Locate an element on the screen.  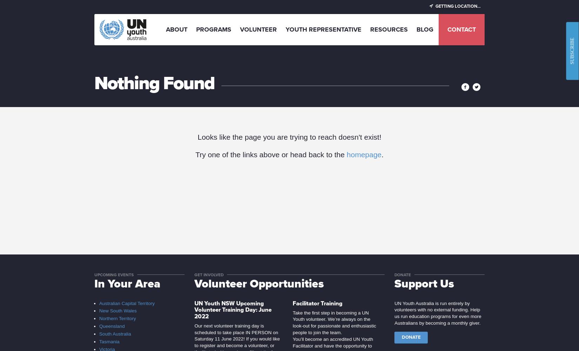
'Programs' is located at coordinates (195, 29).